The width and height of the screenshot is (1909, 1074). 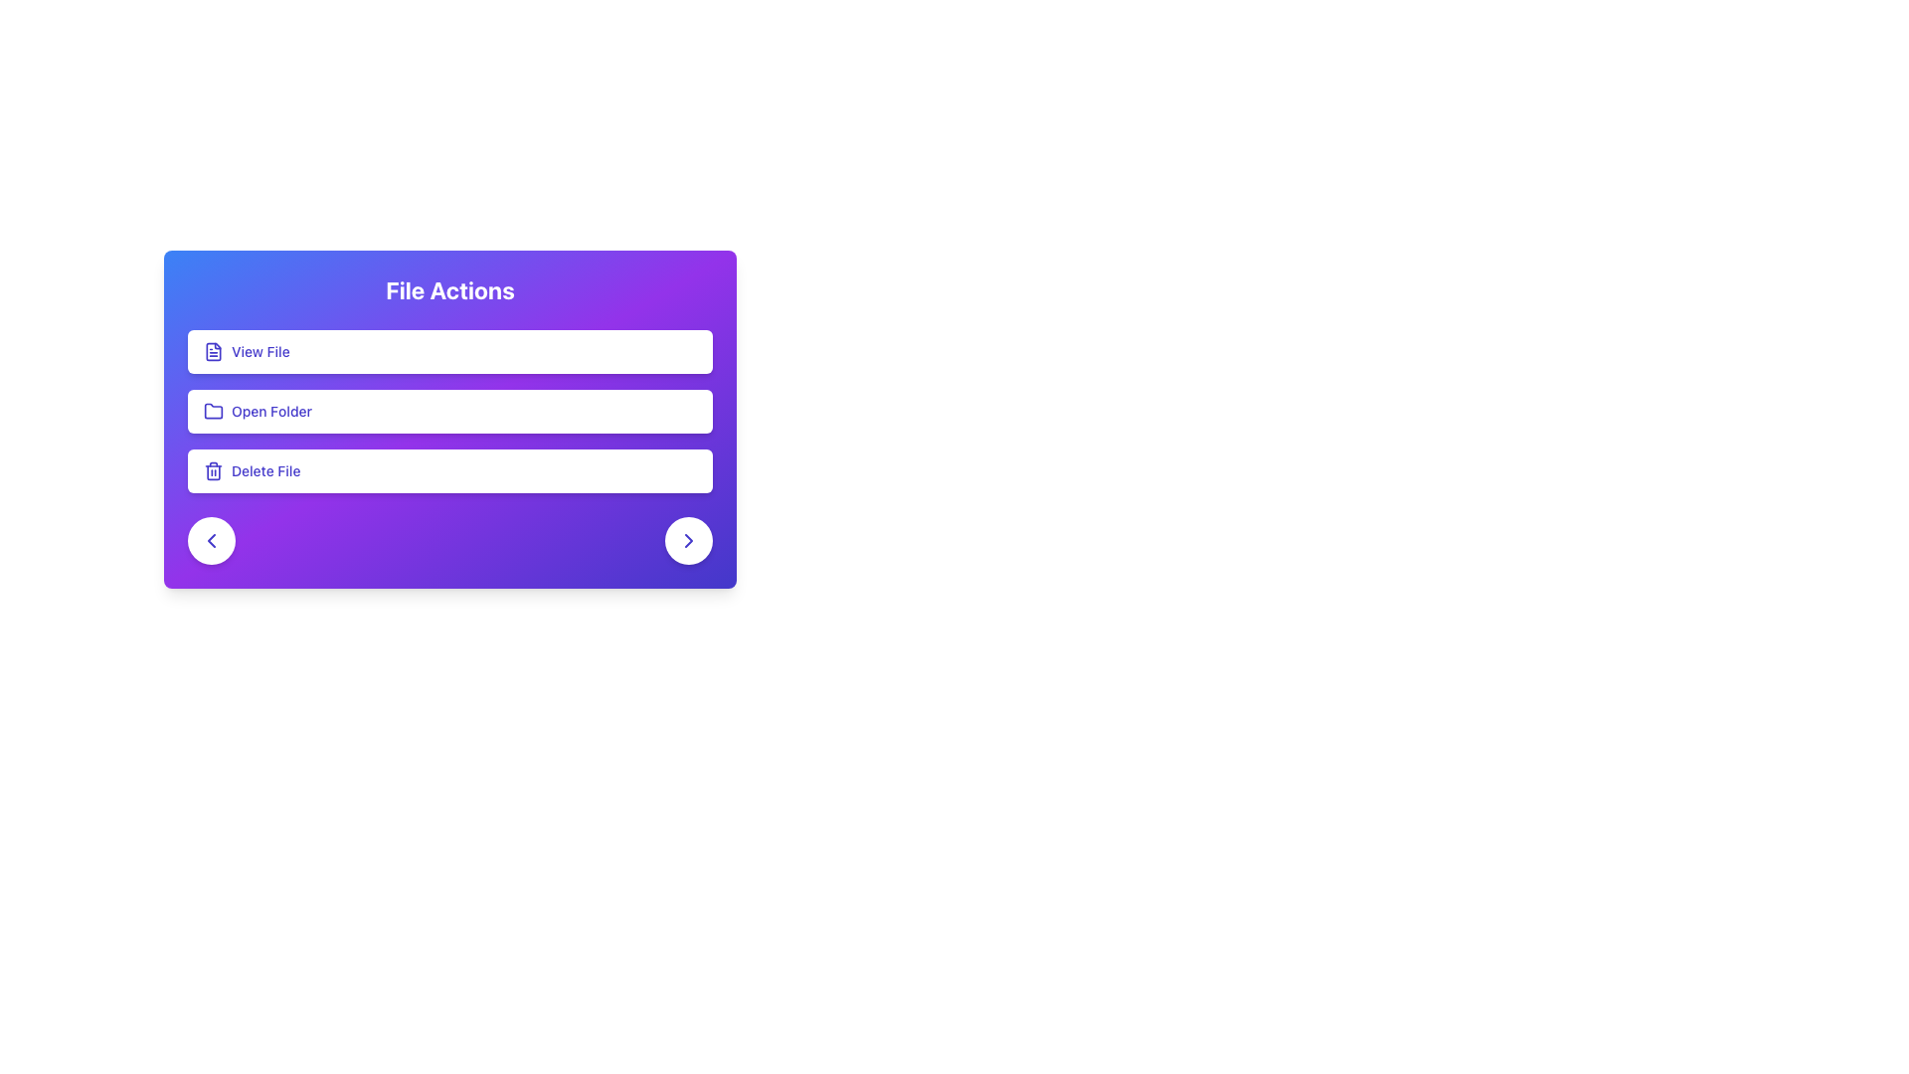 I want to click on the 'Delete File' text label which is part of the button in the 'File Actions' section, styled in bold purple against a white background, so click(x=264, y=471).